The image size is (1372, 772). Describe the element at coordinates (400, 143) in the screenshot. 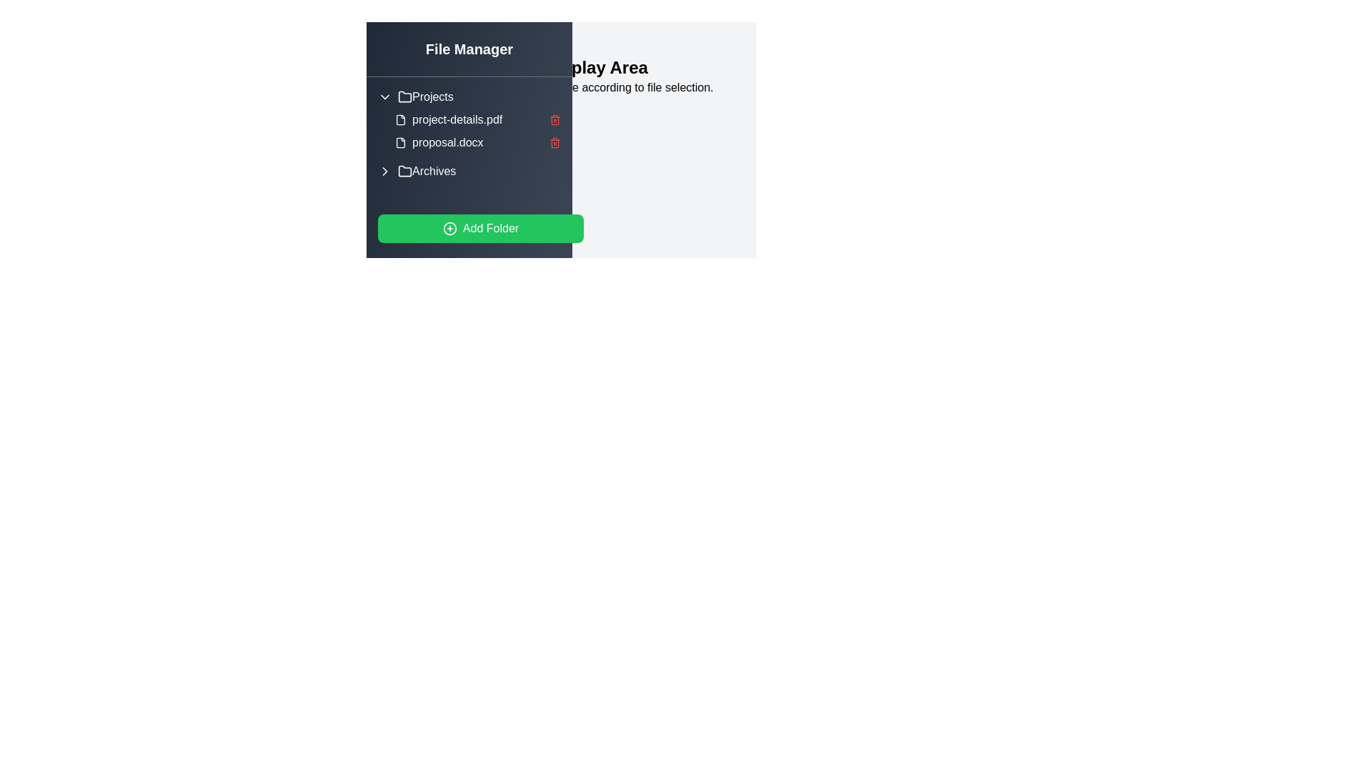

I see `the small document icon with a paper sheet representation located to the left of the text 'proposal.docx' in the 'Projects' section of the file manager interface` at that location.